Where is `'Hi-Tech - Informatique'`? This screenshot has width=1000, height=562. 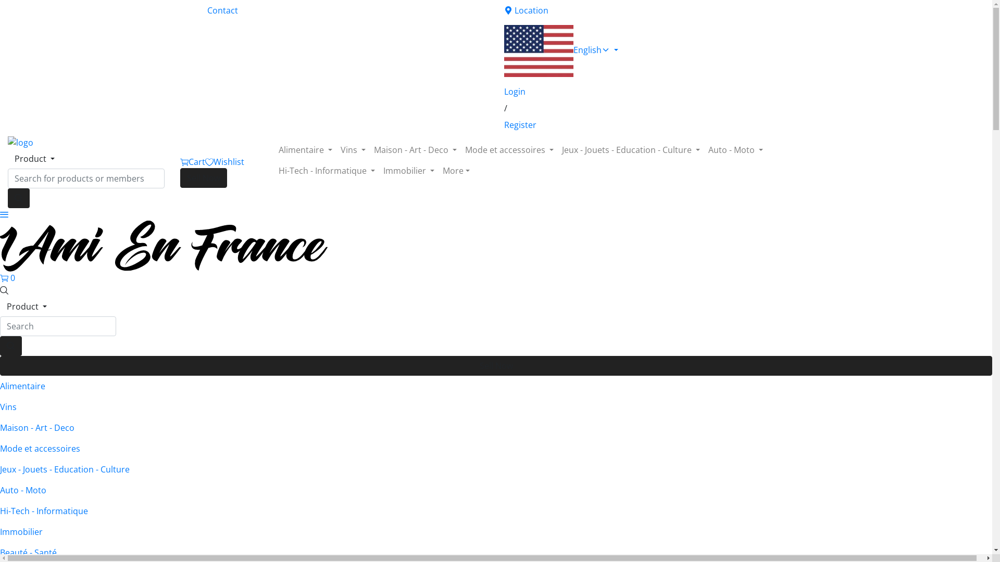
'Hi-Tech - Informatique' is located at coordinates (495, 510).